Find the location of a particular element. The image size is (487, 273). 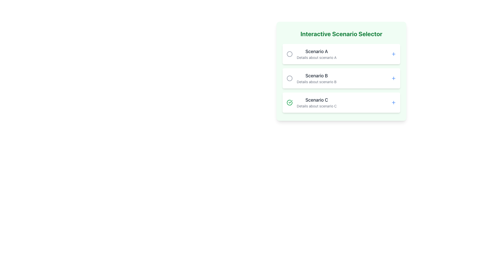

descriptive label text positioned underneath the header 'Scenario B' in the interactive selector interface is located at coordinates (316, 82).